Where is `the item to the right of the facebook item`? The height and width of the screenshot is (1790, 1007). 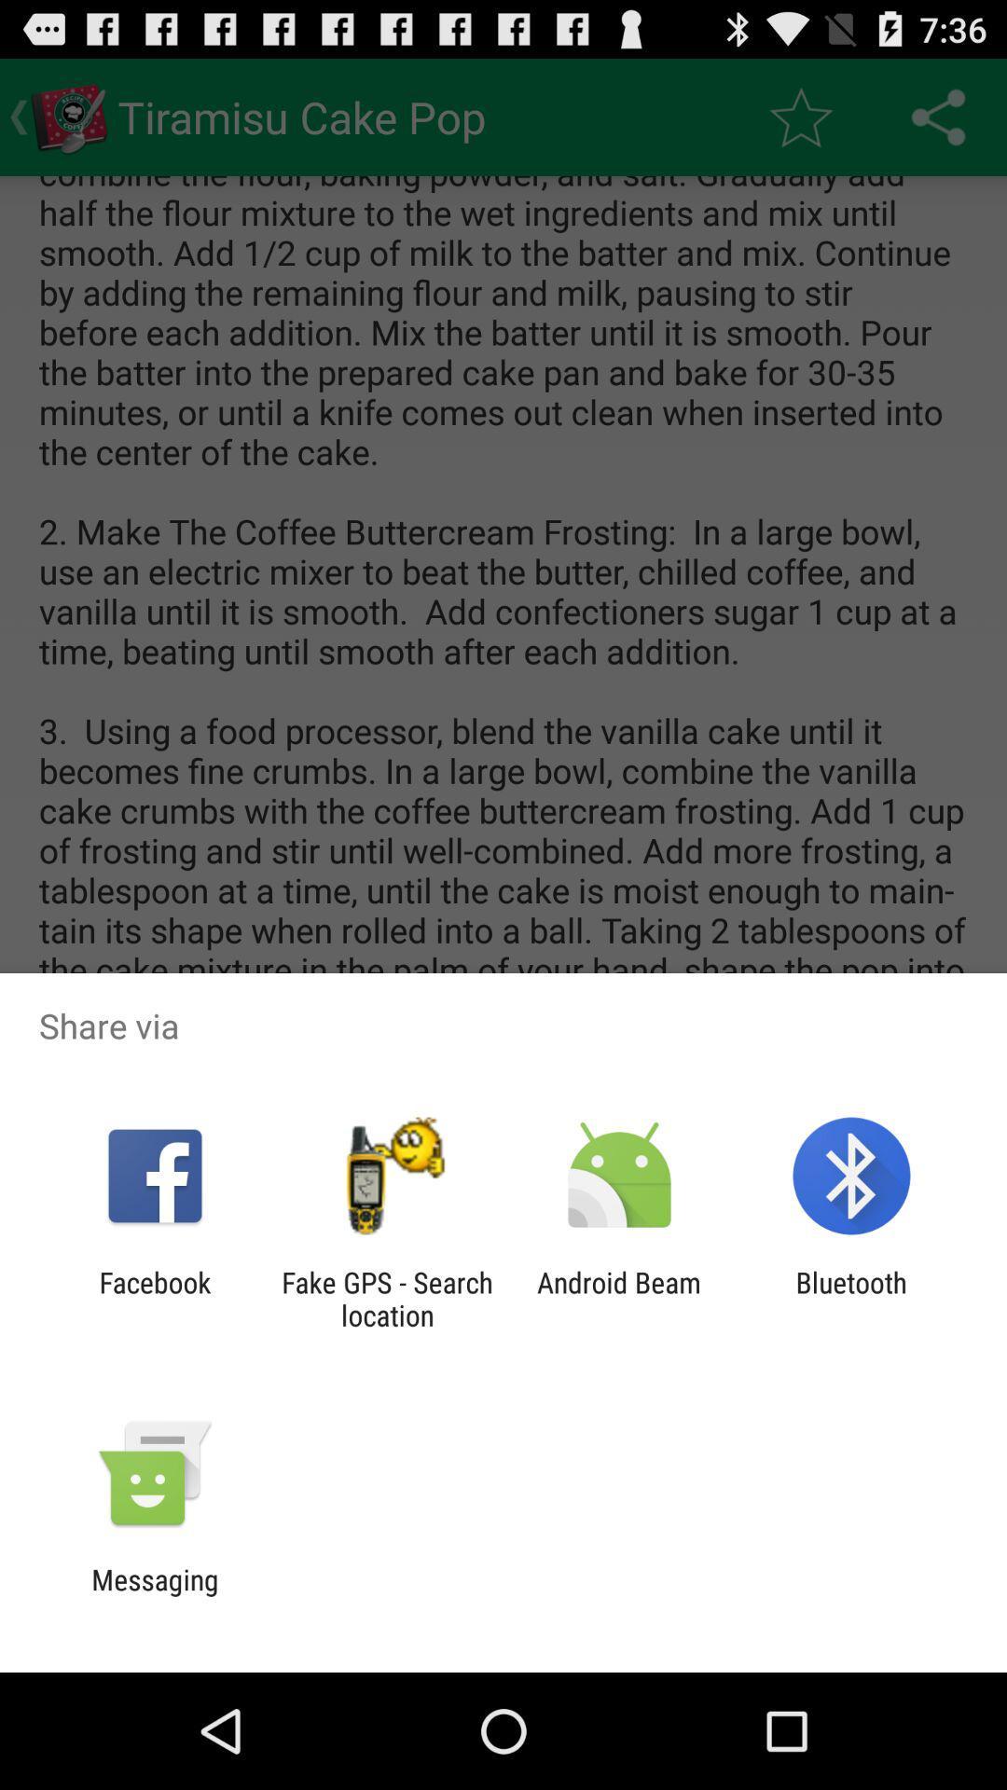
the item to the right of the facebook item is located at coordinates (386, 1298).